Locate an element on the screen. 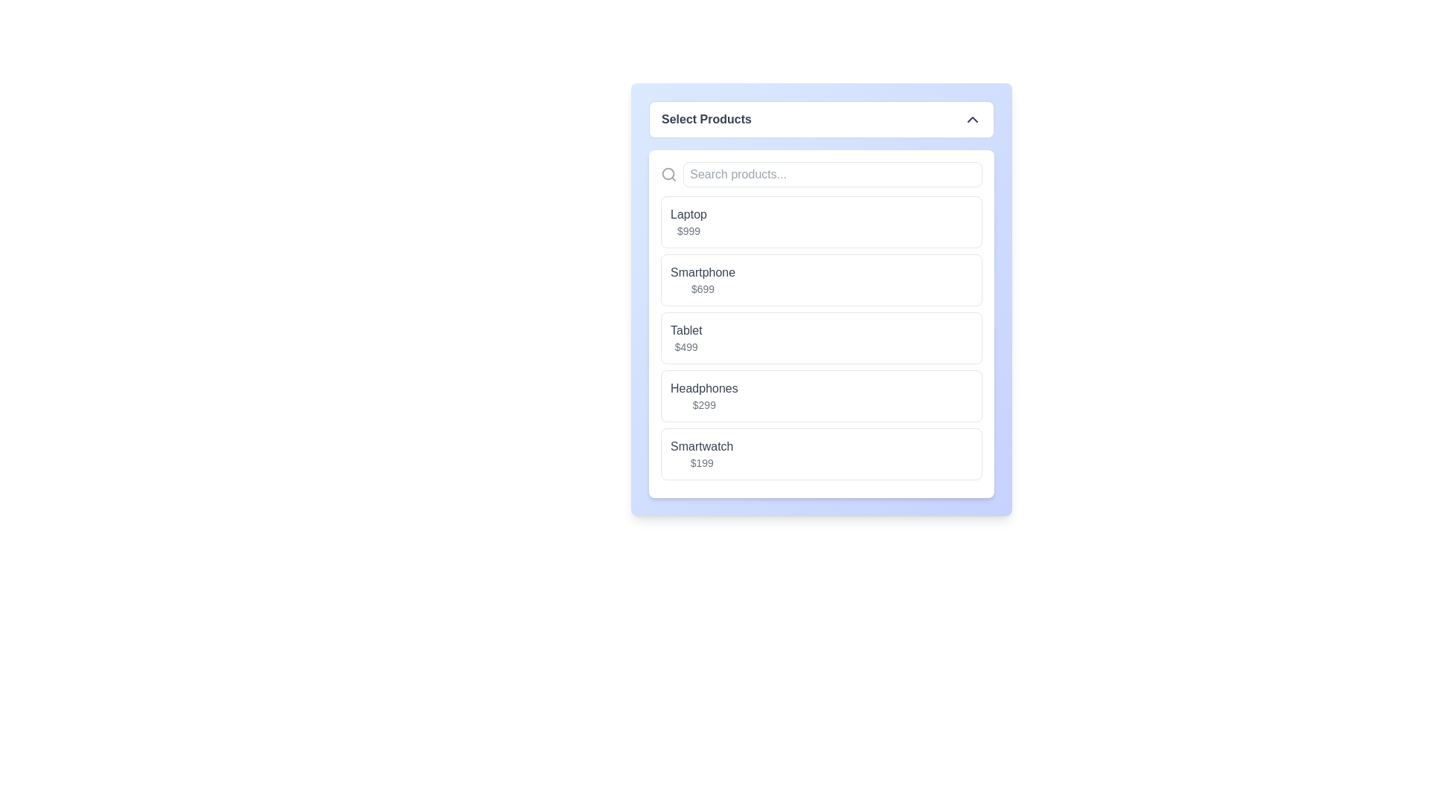 This screenshot has width=1429, height=803. the icon located at the extreme left of the input search bar, adjacent to the 'Search products...' input field is located at coordinates (668, 174).